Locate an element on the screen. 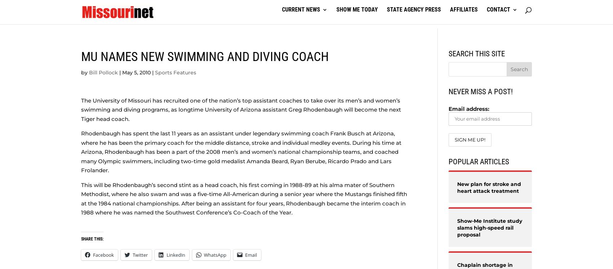  'May 5, 2010' is located at coordinates (136, 72).